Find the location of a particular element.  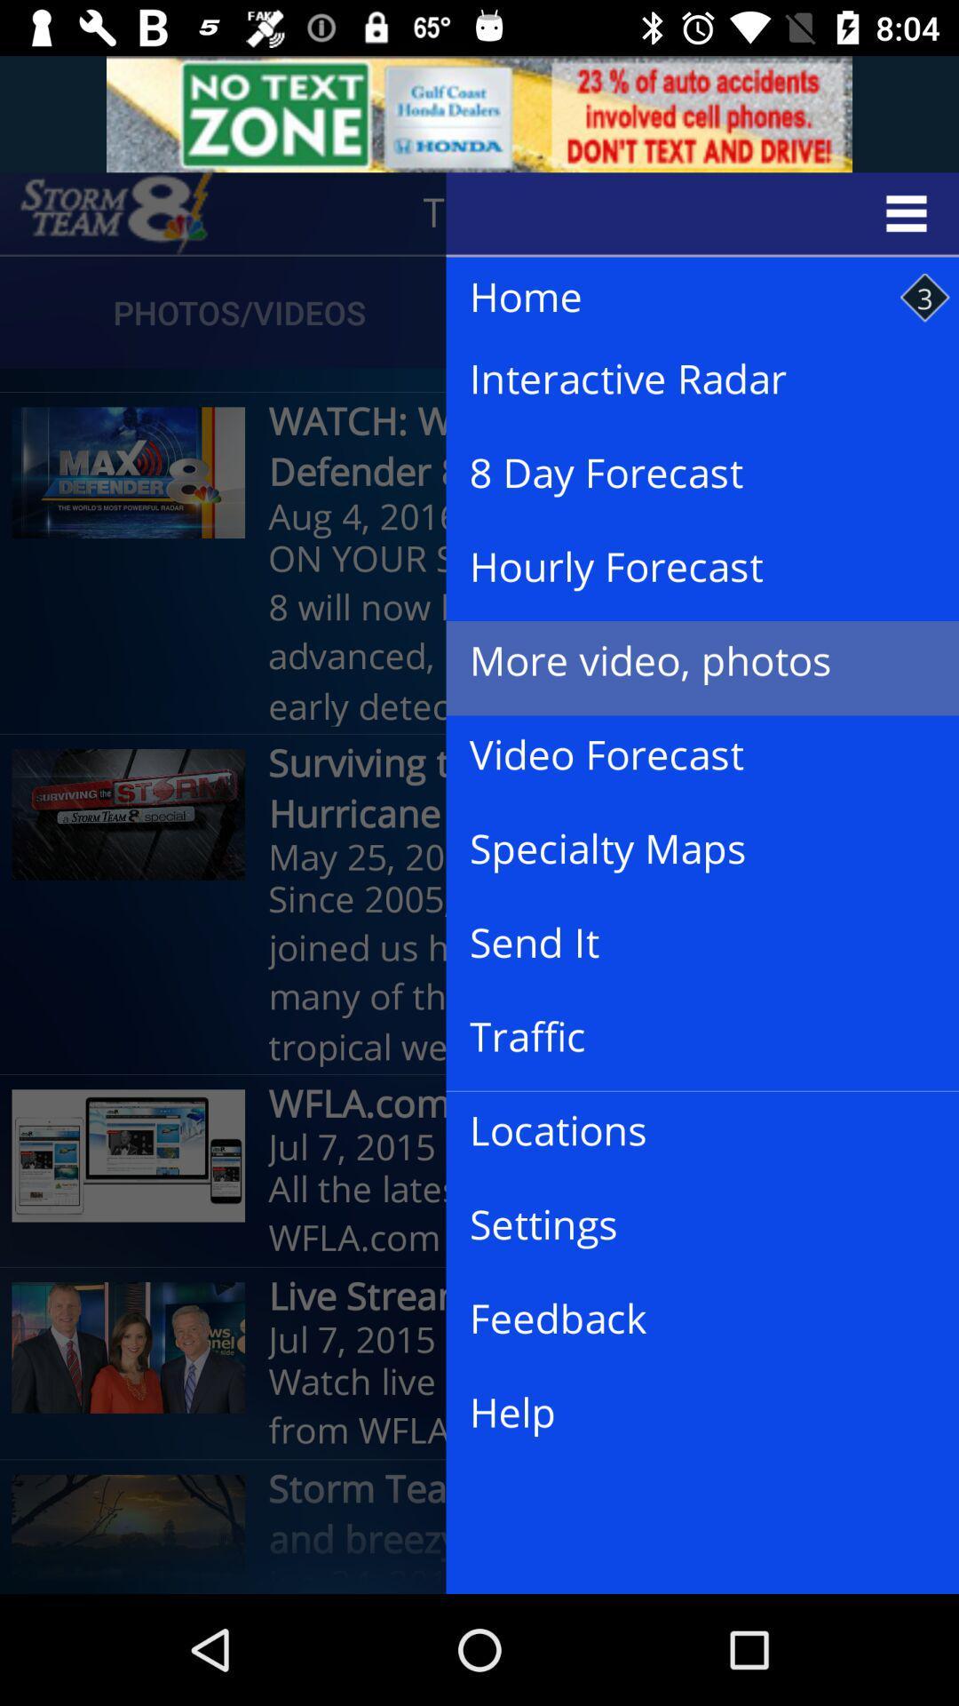

the item below the jul 7 2015 is located at coordinates (687, 1413).